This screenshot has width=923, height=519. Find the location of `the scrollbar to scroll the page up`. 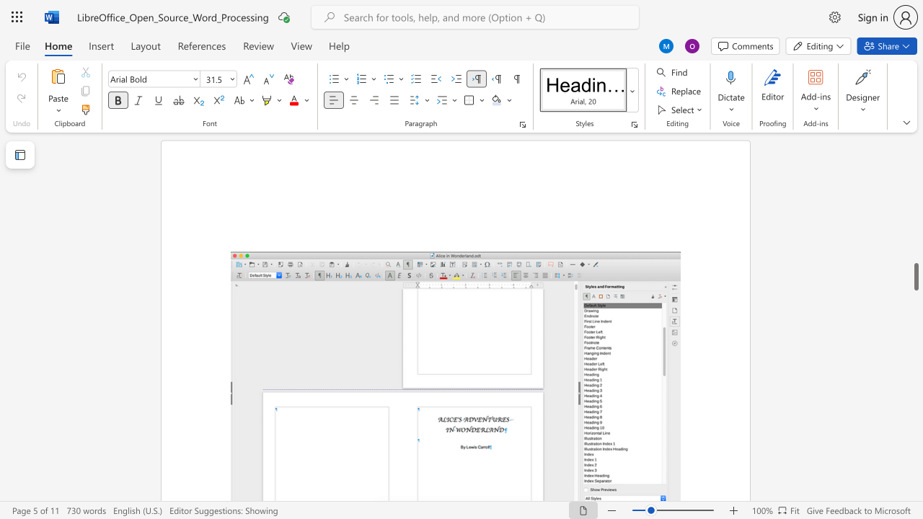

the scrollbar to scroll the page up is located at coordinates (915, 209).